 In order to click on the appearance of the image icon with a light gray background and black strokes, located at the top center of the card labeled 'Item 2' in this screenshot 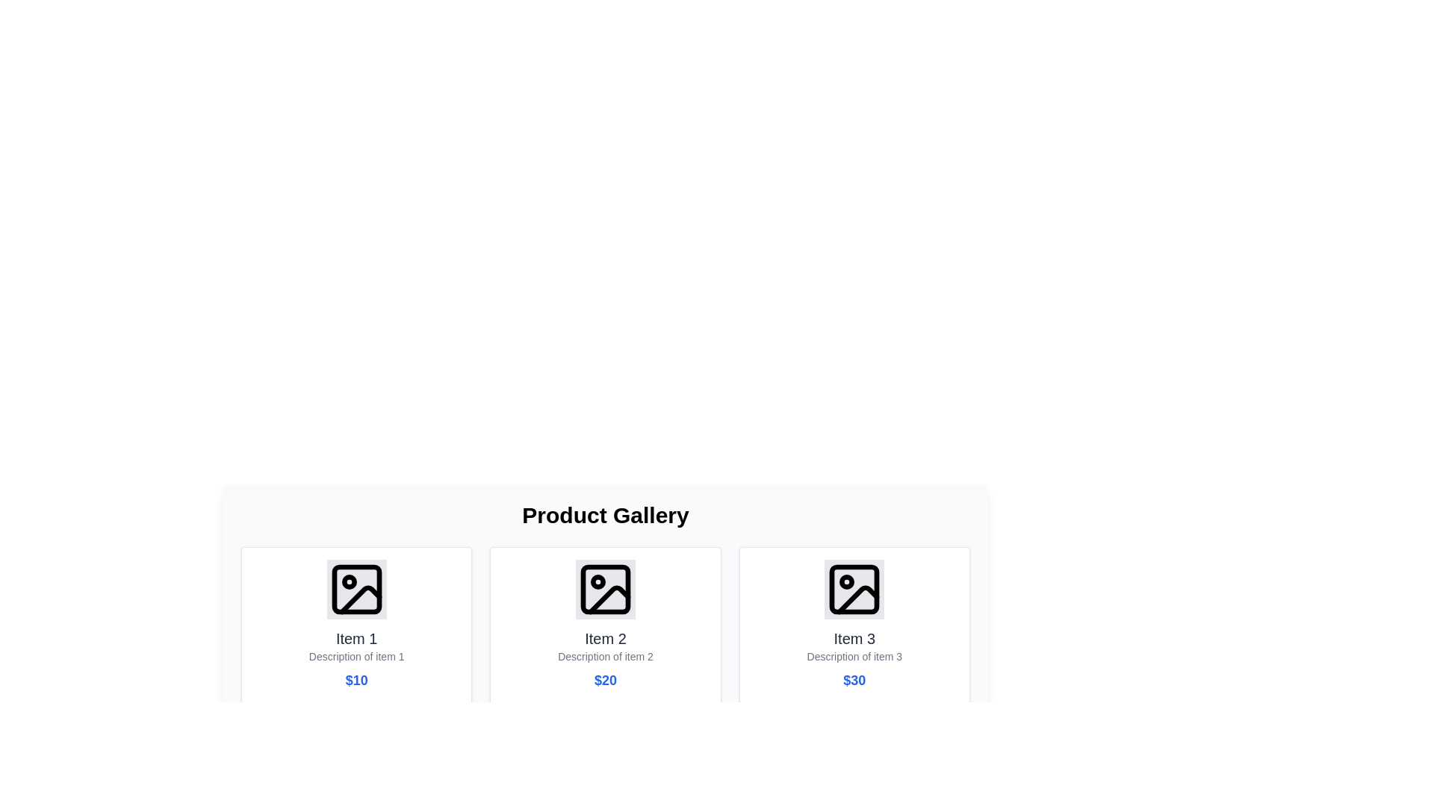, I will do `click(606, 589)`.